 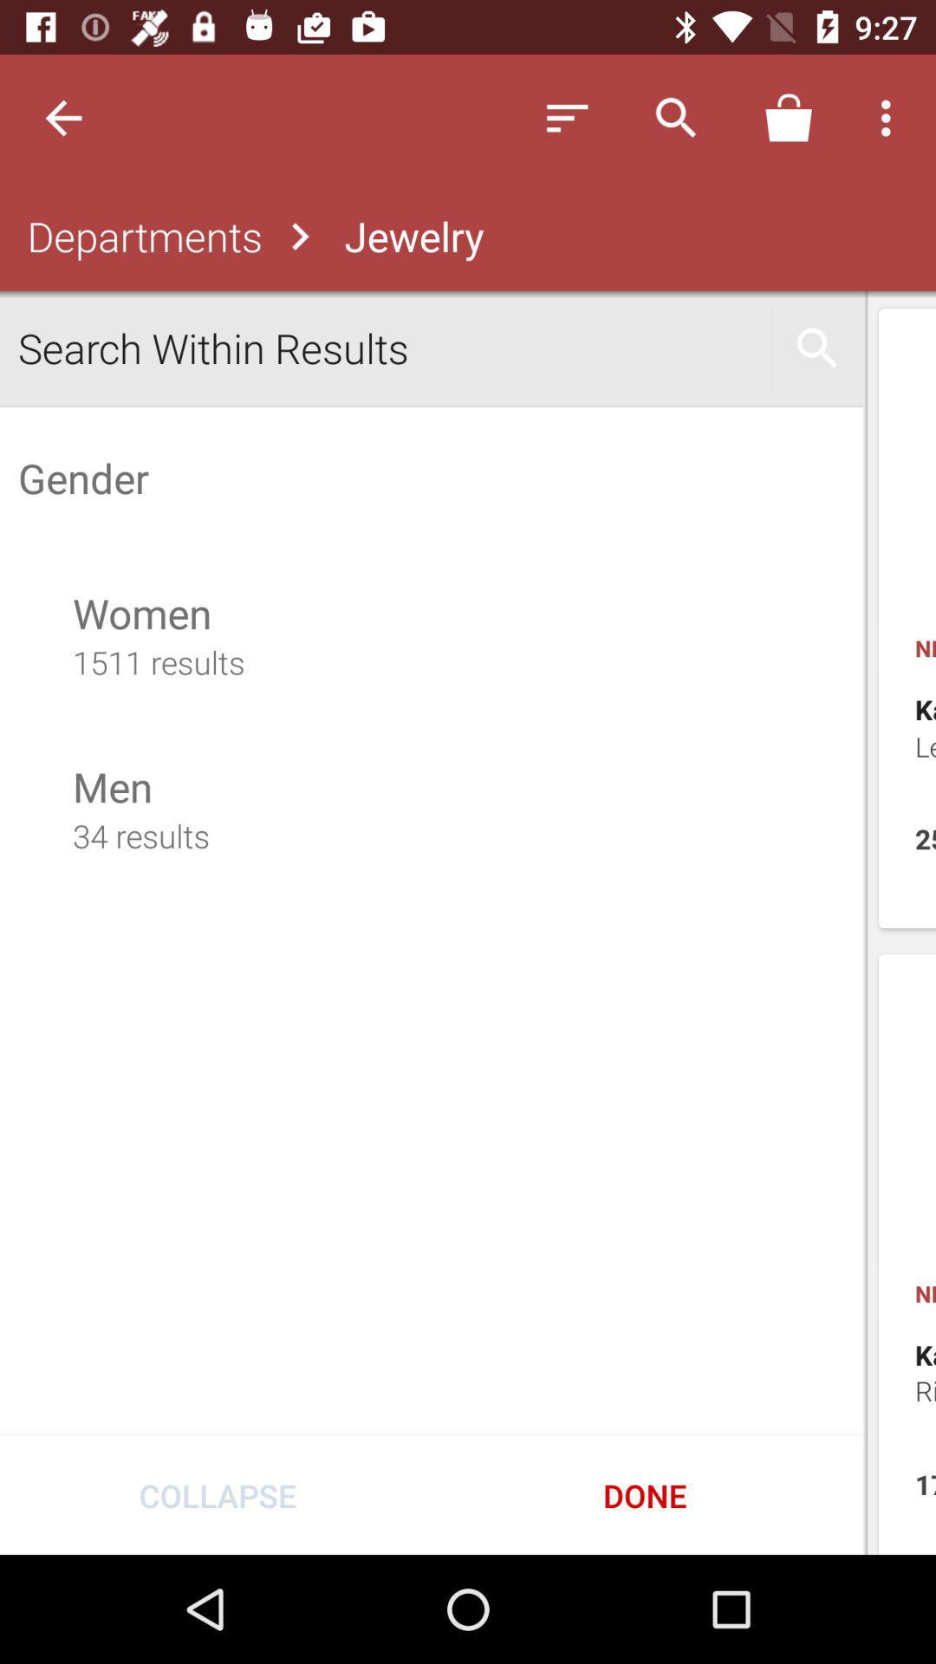 What do you see at coordinates (788, 117) in the screenshot?
I see `the icon next to search icon` at bounding box center [788, 117].